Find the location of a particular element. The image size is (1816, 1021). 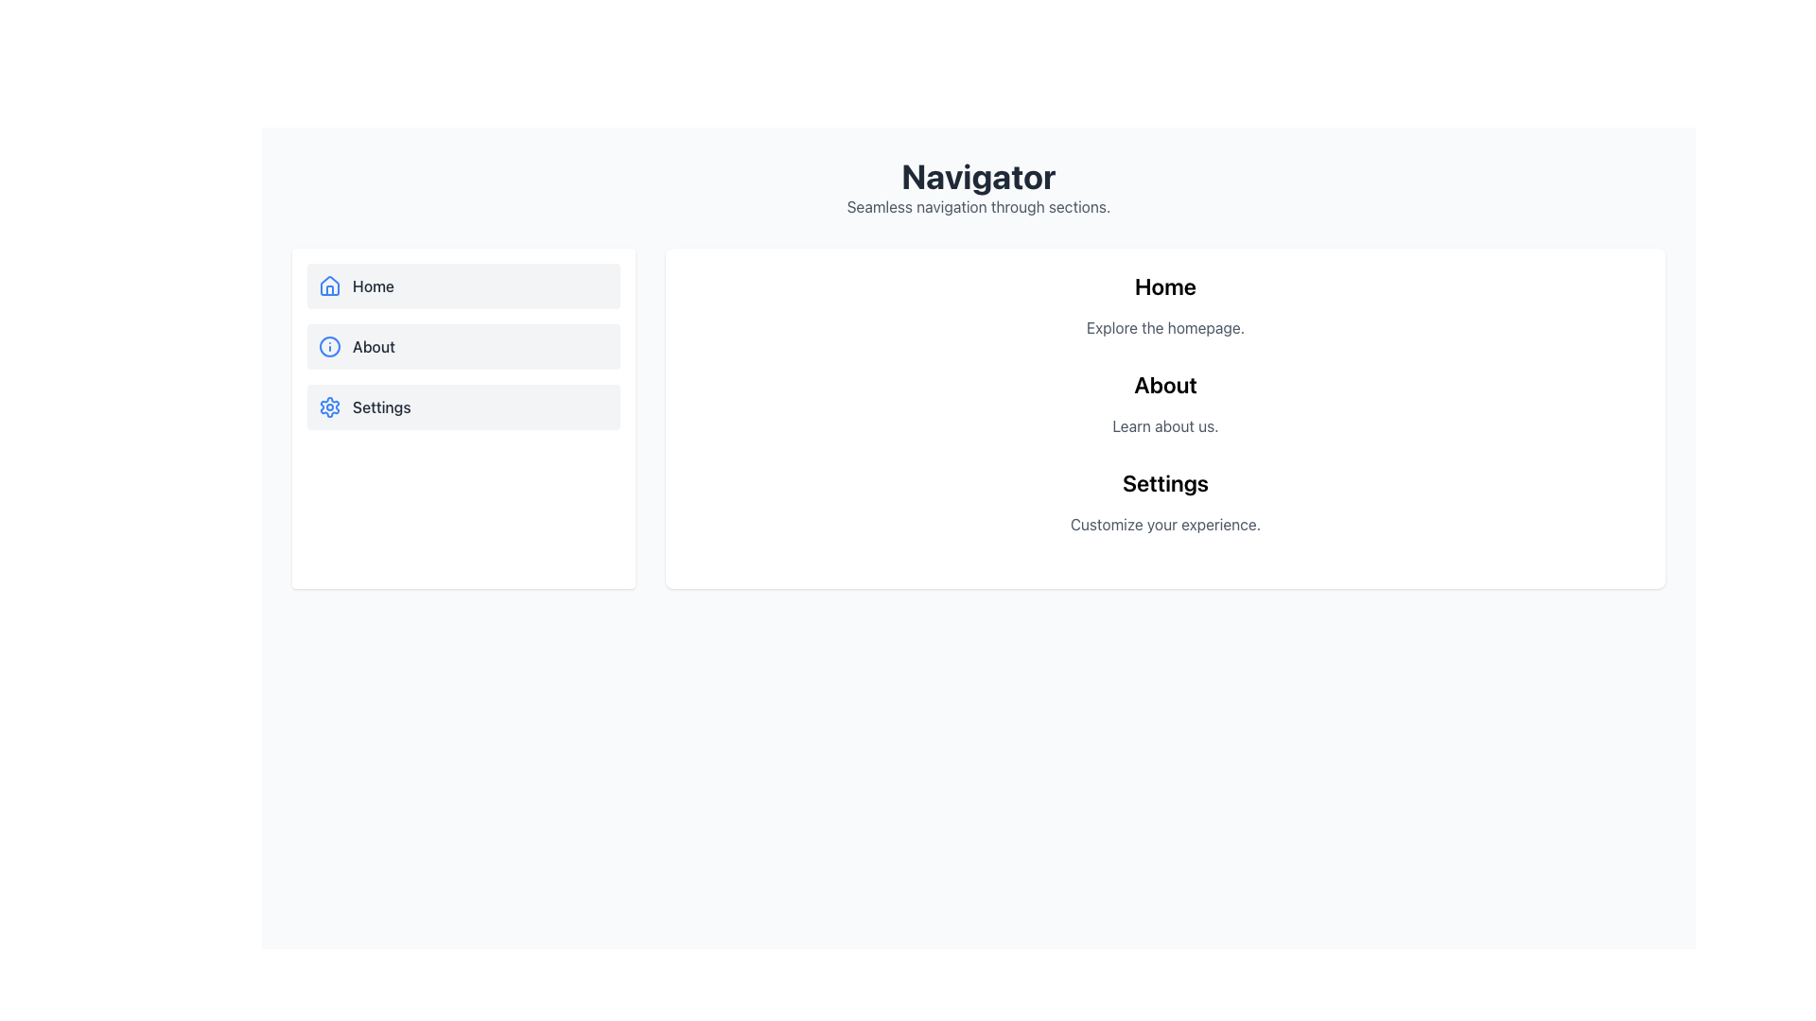

the 'About' icon in the vertical navigation menu is located at coordinates (330, 346).